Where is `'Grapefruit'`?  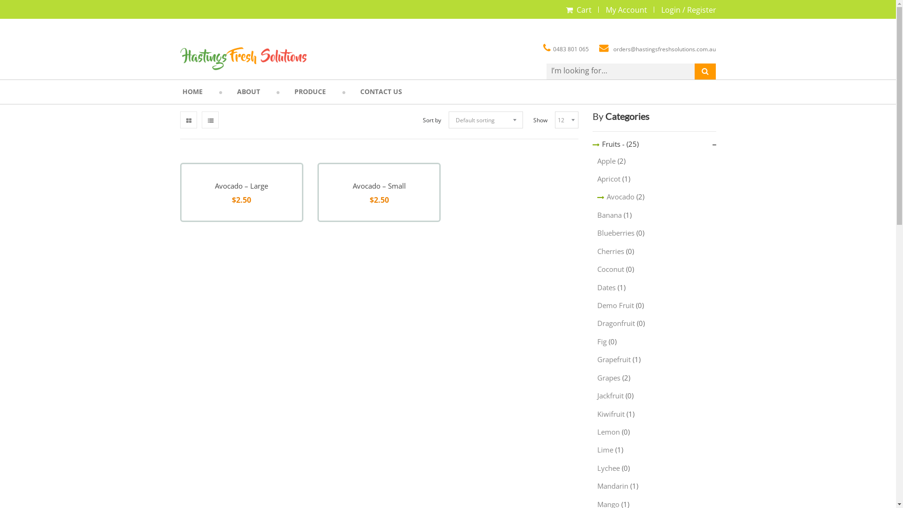
'Grapefruit' is located at coordinates (597, 359).